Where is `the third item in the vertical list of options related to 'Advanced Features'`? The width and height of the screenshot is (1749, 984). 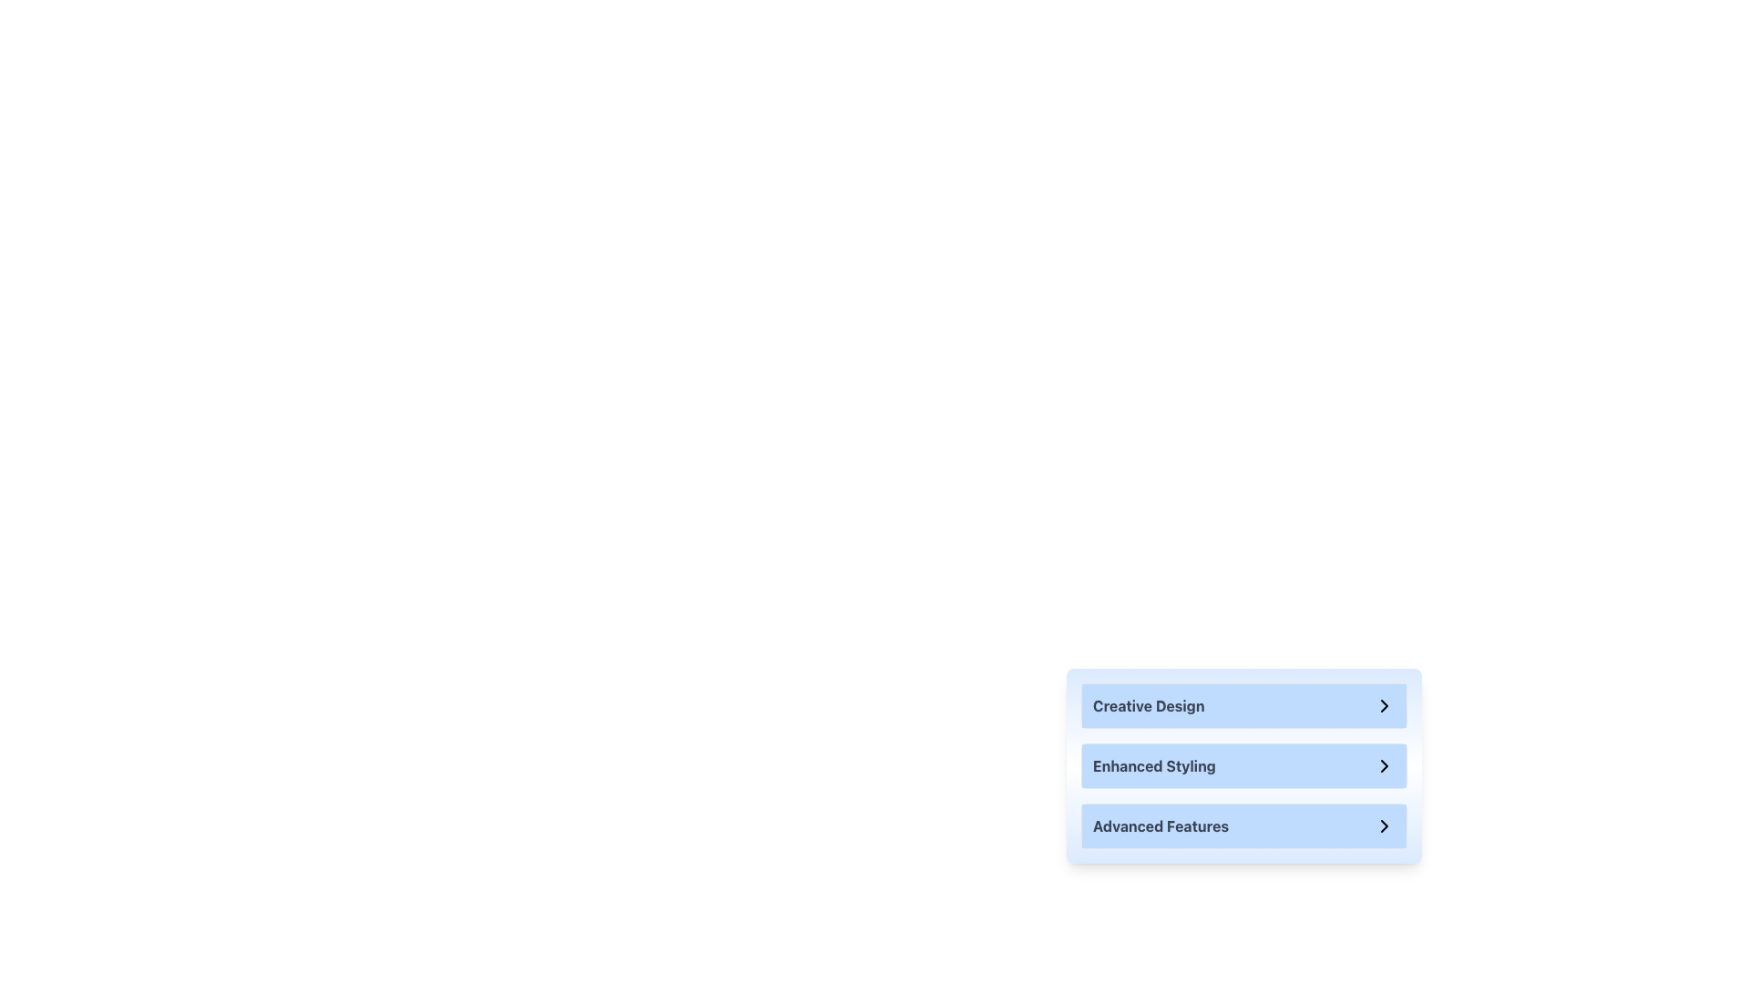
the third item in the vertical list of options related to 'Advanced Features' is located at coordinates (1243, 825).